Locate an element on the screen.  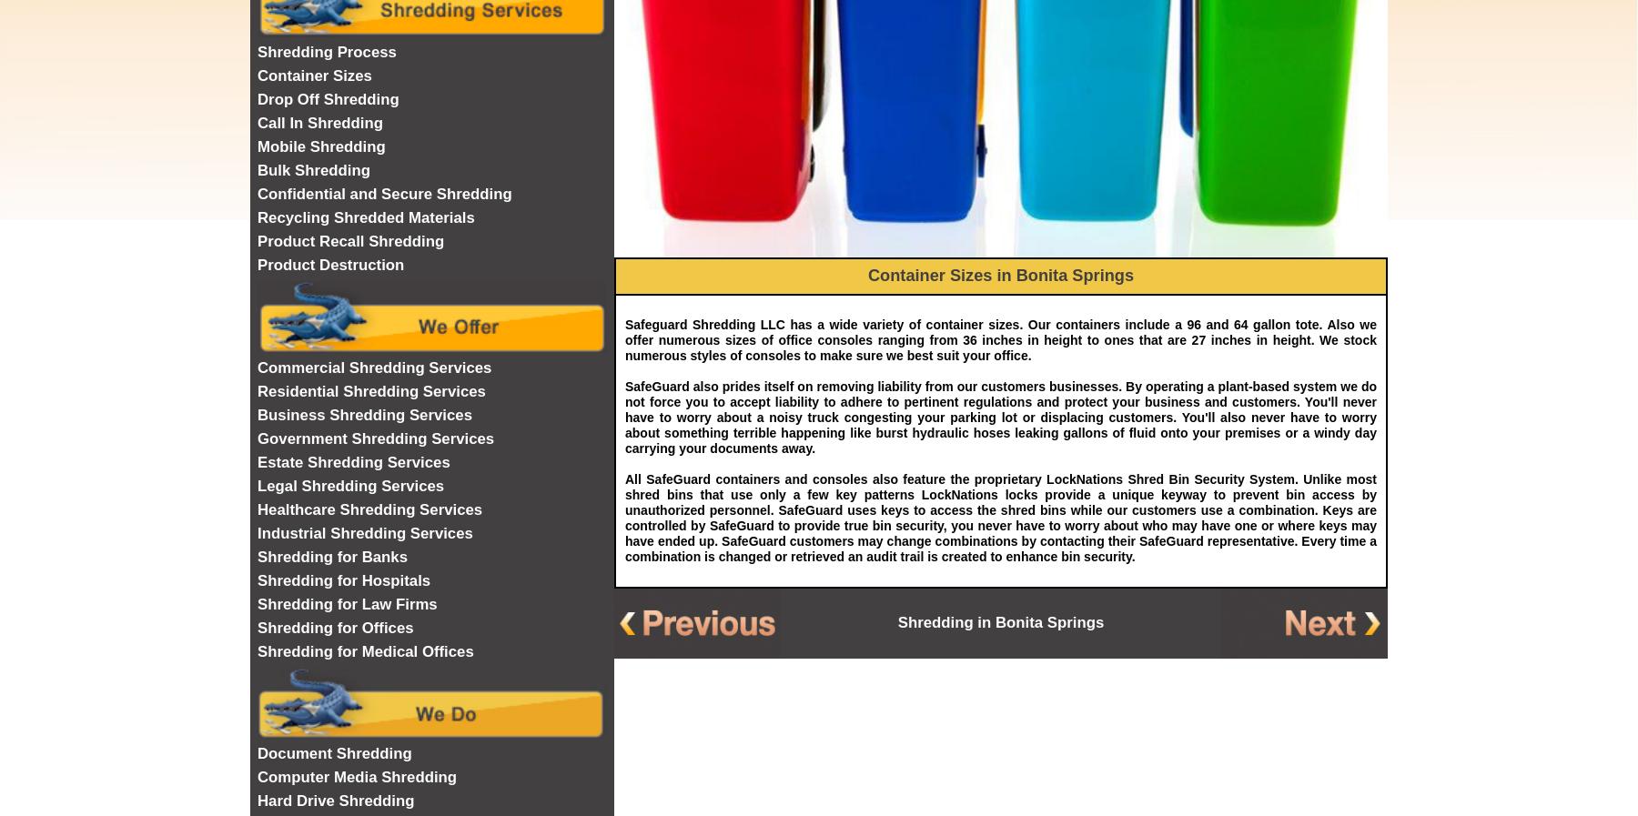
'Residential Shredding Services' is located at coordinates (371, 389).